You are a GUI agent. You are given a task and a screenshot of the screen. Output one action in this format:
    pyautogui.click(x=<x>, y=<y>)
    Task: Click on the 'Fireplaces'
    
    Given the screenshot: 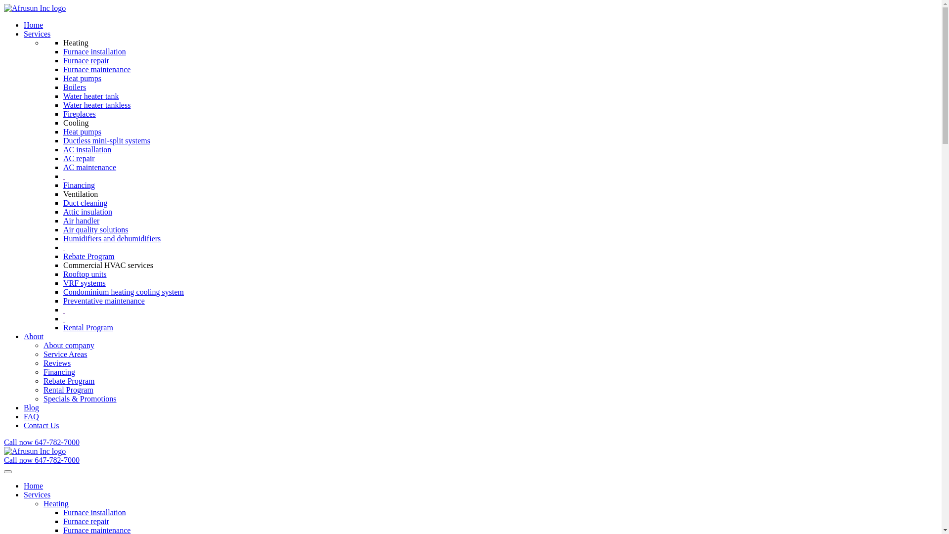 What is the action you would take?
    pyautogui.click(x=80, y=113)
    